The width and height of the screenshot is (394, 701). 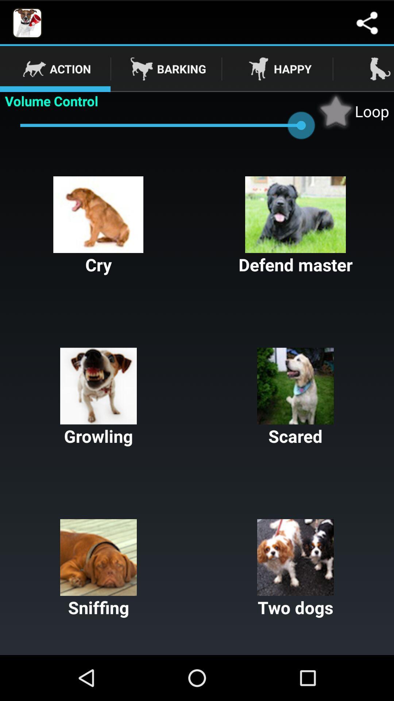 I want to click on the scared, so click(x=295, y=397).